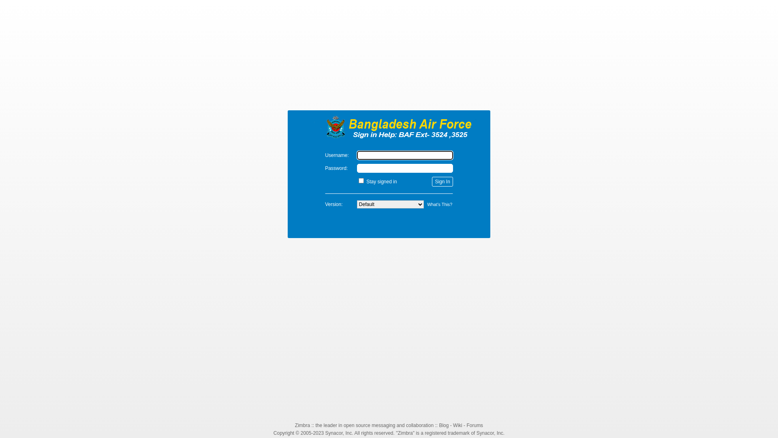 The height and width of the screenshot is (438, 778). What do you see at coordinates (389, 127) in the screenshot?
I see `'Zimbra'` at bounding box center [389, 127].